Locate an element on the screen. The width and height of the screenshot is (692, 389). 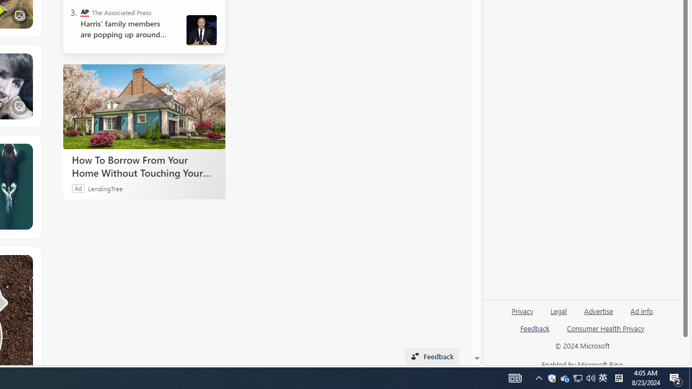
'Privacy' is located at coordinates (522, 310).